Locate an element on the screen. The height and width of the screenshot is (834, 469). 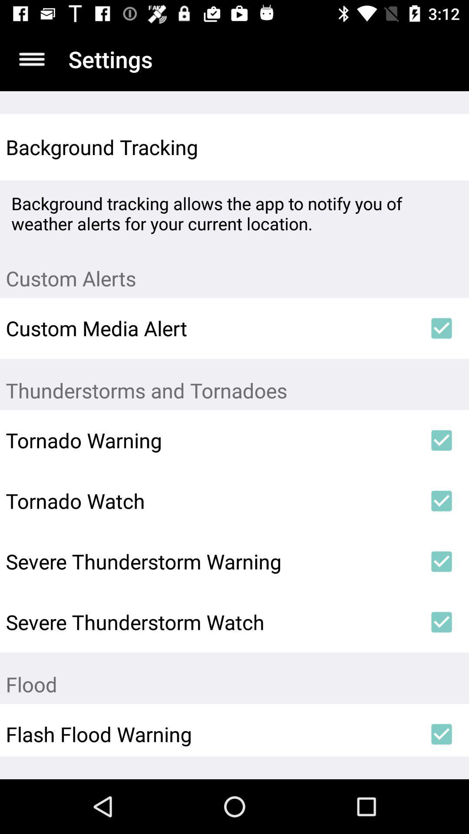
the thunderstorms and tornadoes is located at coordinates (234, 384).